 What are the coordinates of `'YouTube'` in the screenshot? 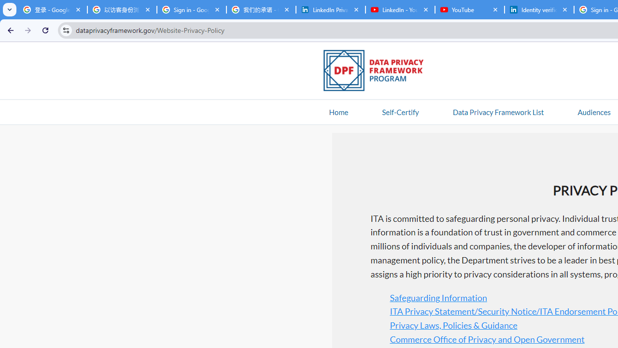 It's located at (469, 10).